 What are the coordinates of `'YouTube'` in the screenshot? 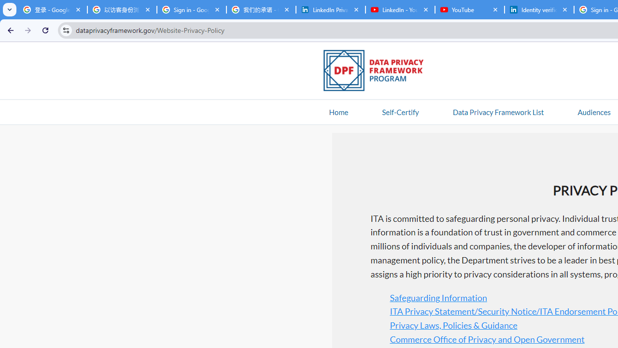 It's located at (469, 10).